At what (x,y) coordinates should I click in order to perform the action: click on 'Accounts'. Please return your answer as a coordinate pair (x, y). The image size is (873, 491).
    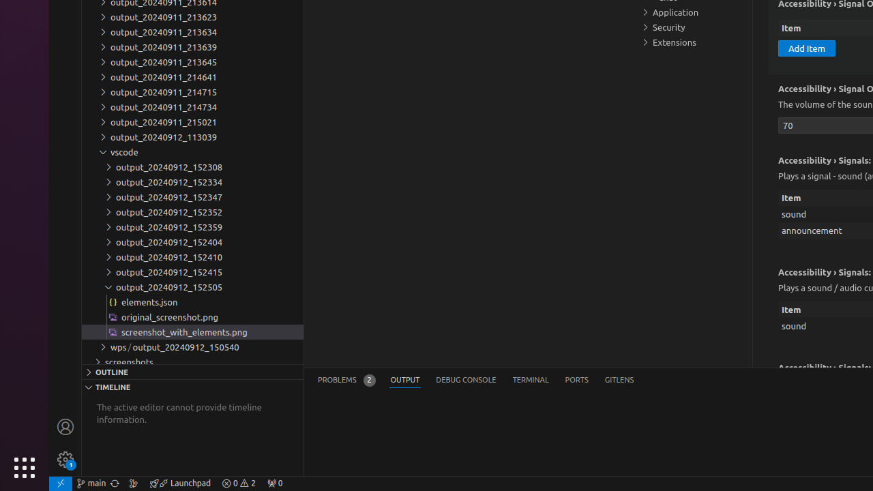
    Looking at the image, I should click on (65, 426).